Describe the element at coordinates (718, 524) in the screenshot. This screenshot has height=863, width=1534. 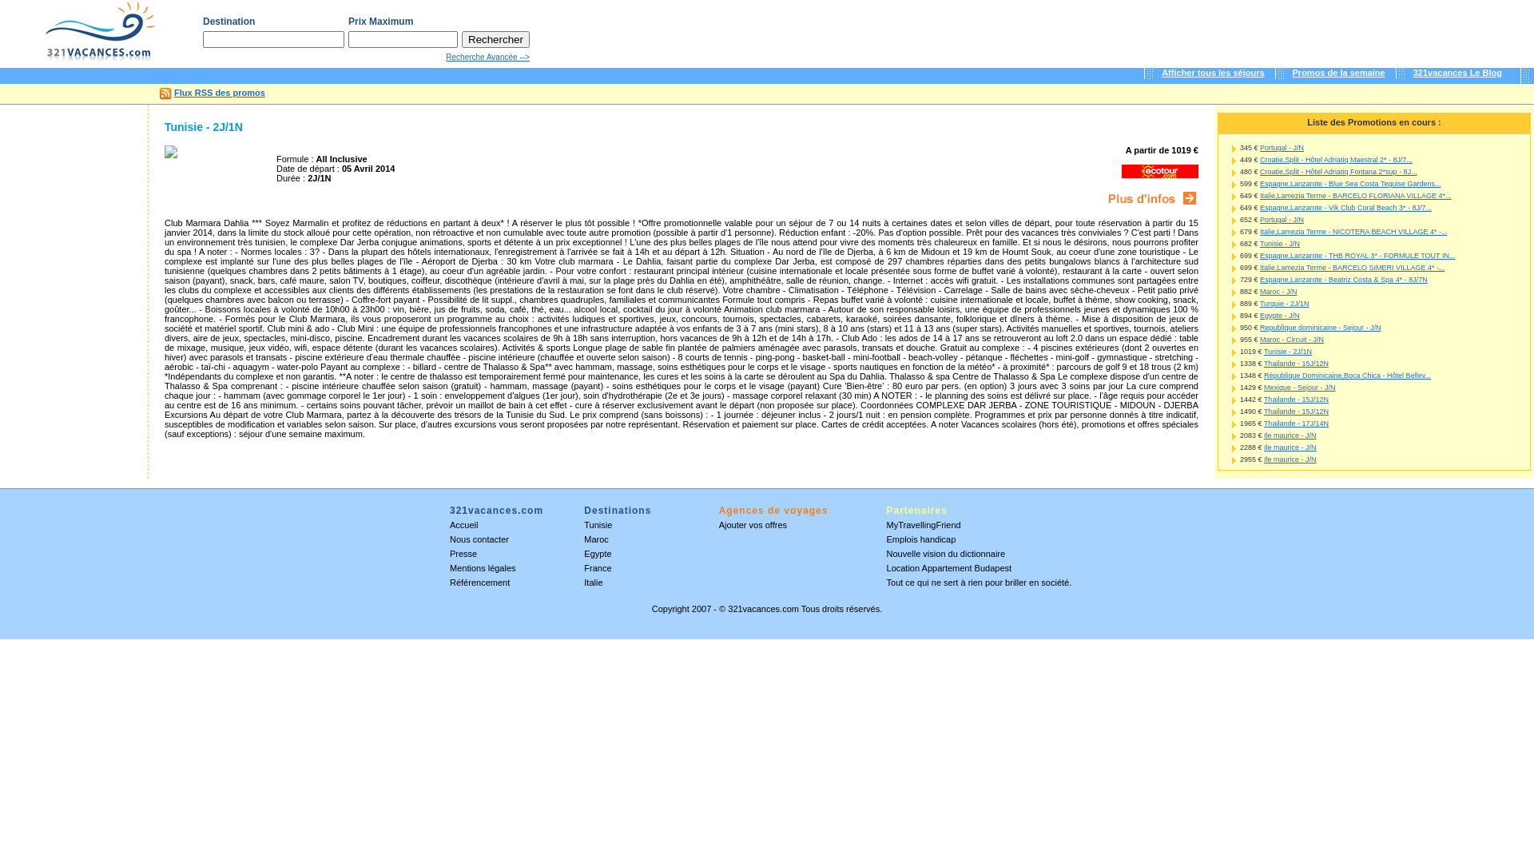
I see `'Ajouter vos offres'` at that location.